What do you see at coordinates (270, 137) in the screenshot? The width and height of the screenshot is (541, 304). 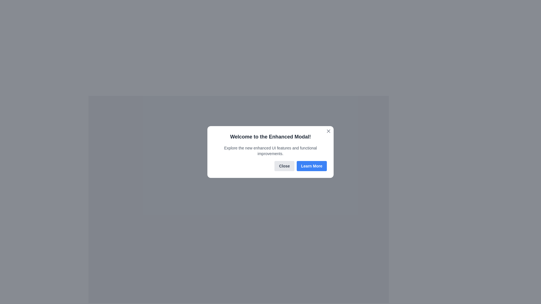 I see `title text element located at the top center of the modal dialog, which introduces the modal's content` at bounding box center [270, 137].